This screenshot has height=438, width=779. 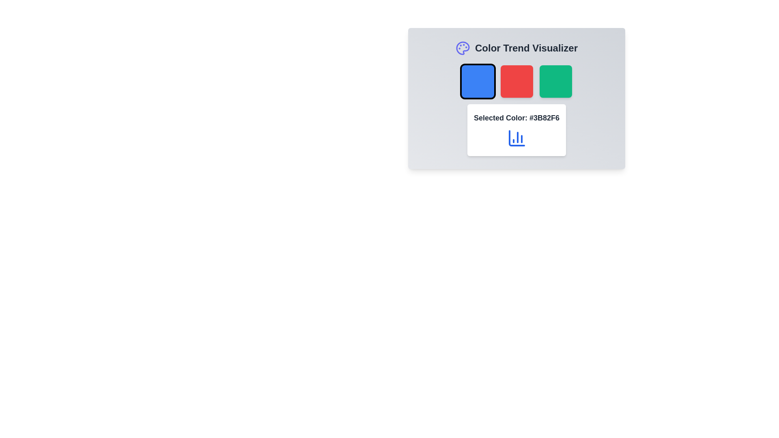 I want to click on the color block in the Grid panel of the Color Trend Visualizer, so click(x=516, y=81).